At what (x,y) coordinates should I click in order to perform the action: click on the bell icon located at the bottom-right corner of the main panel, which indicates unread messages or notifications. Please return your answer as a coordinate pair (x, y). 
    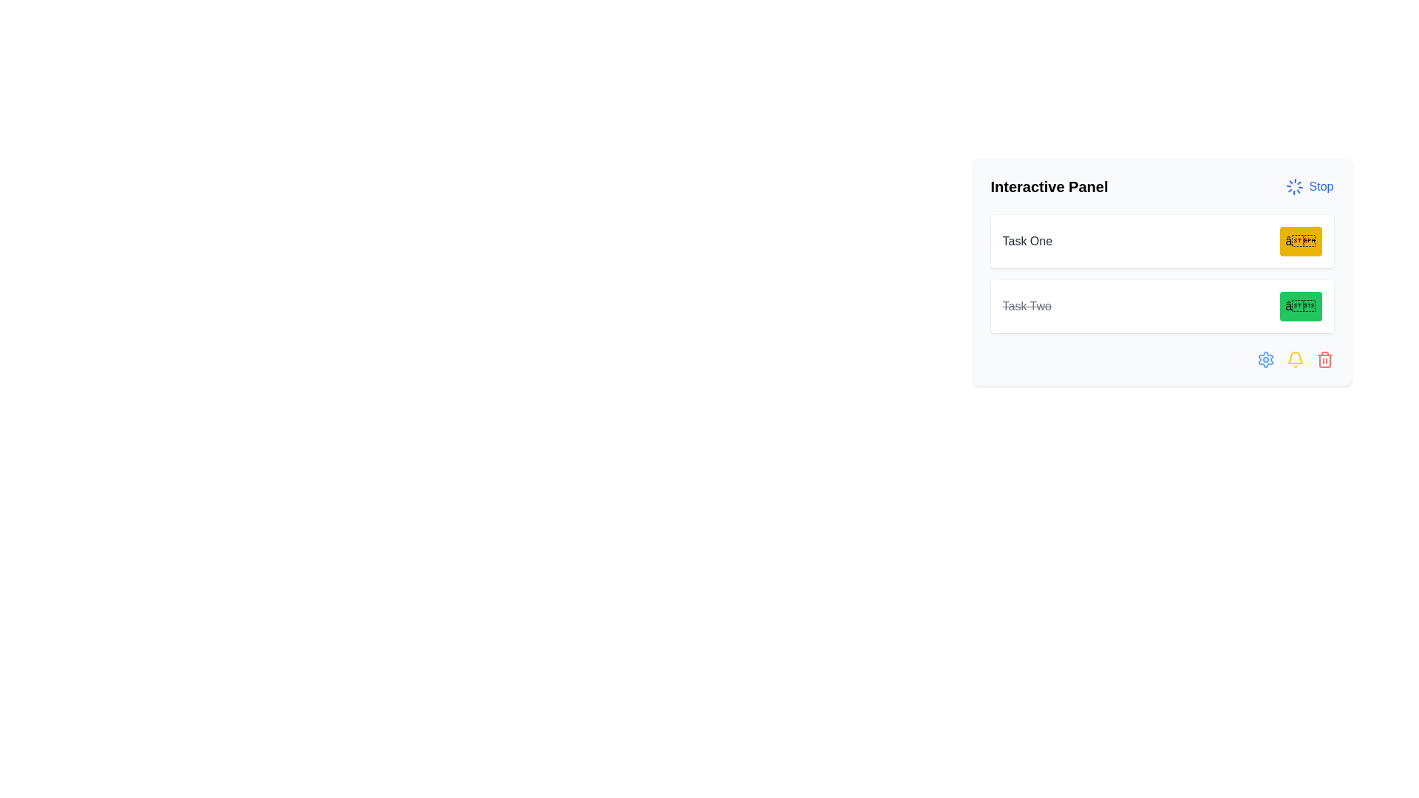
    Looking at the image, I should click on (1294, 359).